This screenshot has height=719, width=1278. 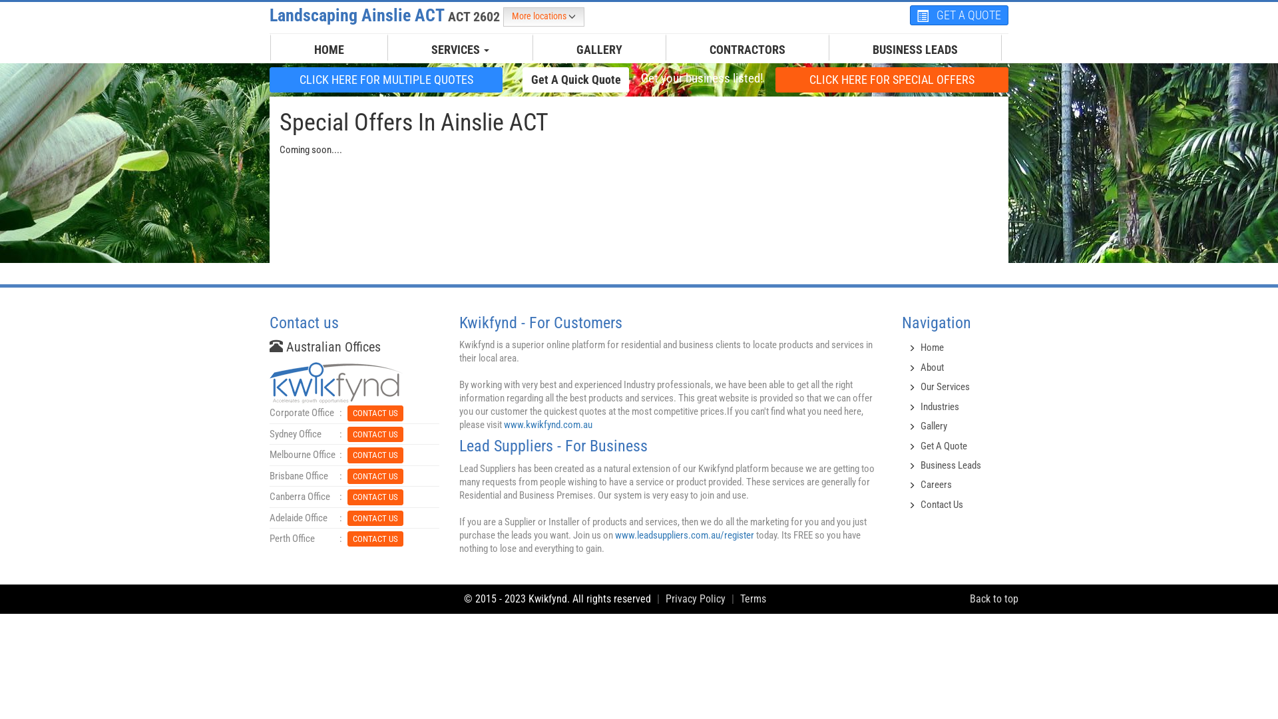 I want to click on 'Back to top', so click(x=994, y=598).